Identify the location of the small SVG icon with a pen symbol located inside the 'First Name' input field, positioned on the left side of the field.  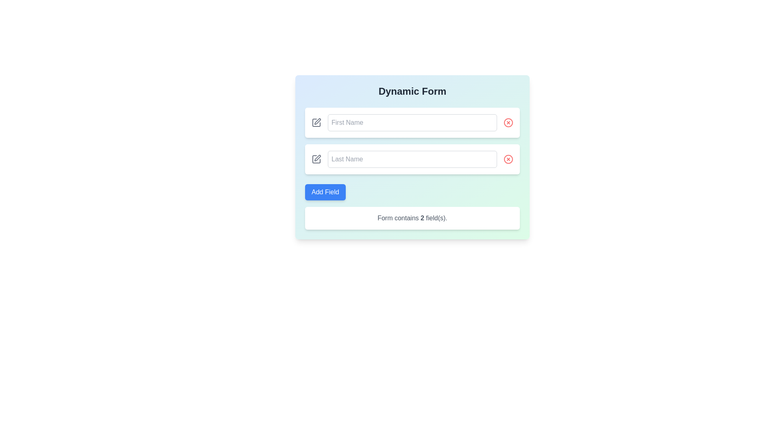
(317, 122).